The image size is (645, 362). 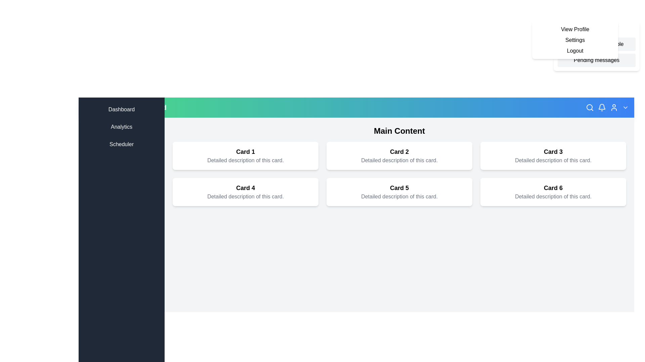 I want to click on the 'View Profile' text link, which is the first text link in a vertical column at the top-right corner of the popup menu, so click(x=575, y=29).